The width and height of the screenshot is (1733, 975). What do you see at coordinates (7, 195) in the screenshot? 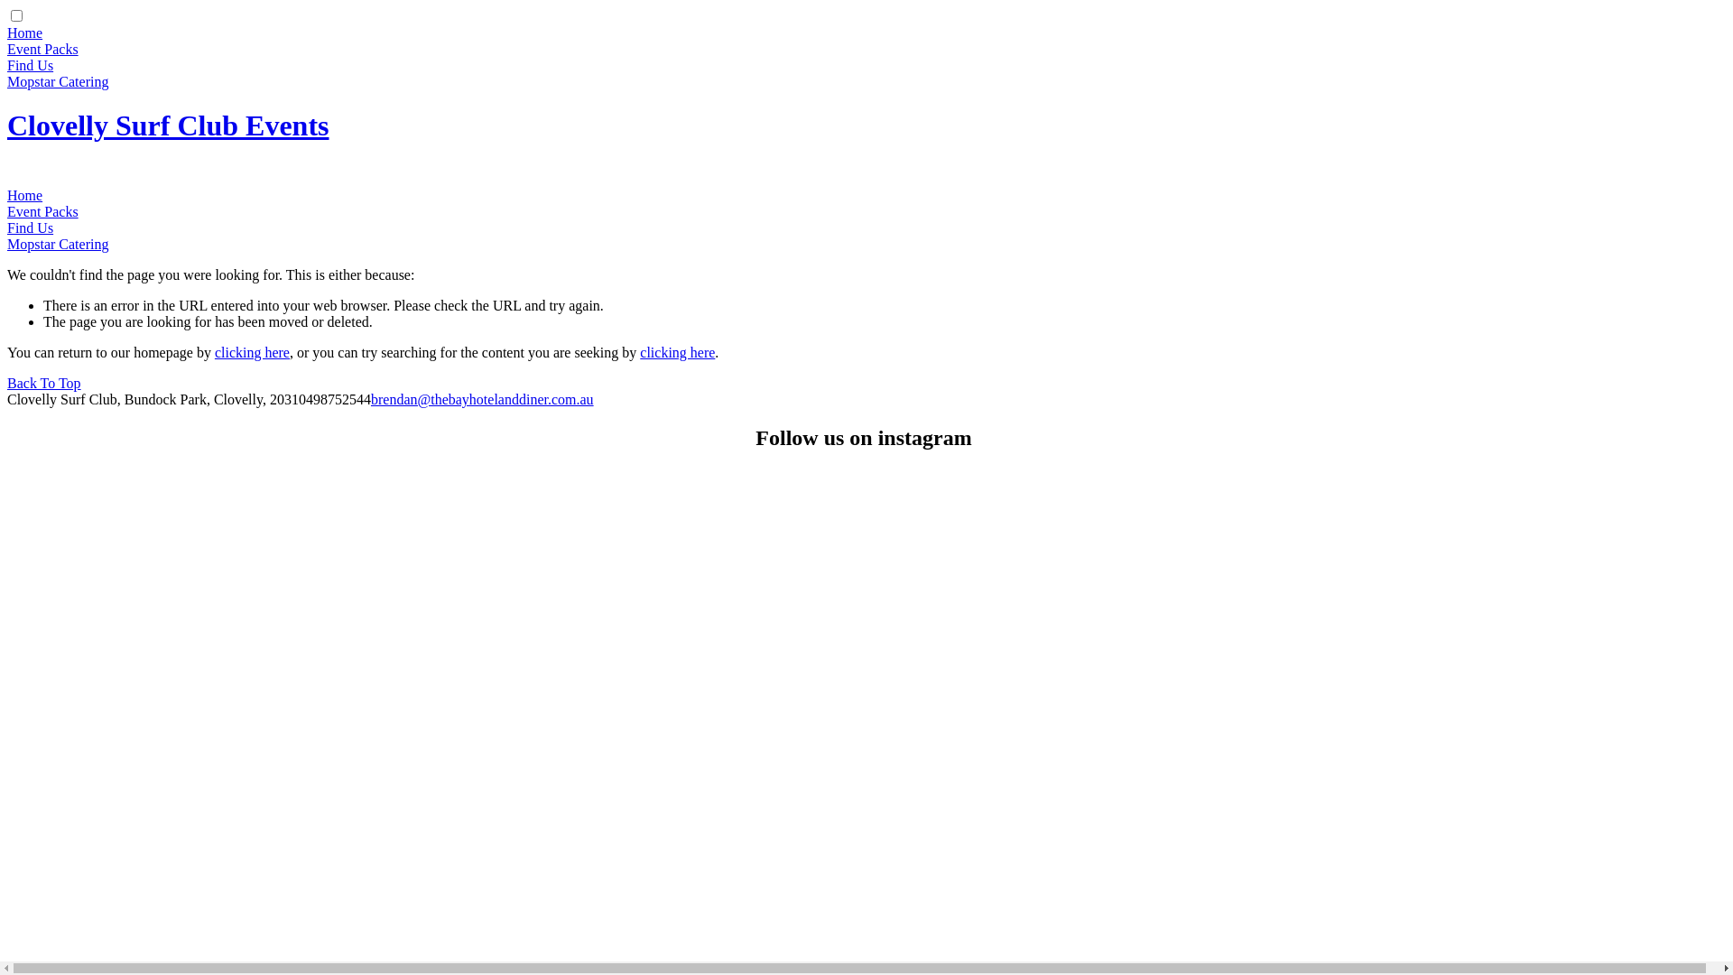
I see `'Home'` at bounding box center [7, 195].